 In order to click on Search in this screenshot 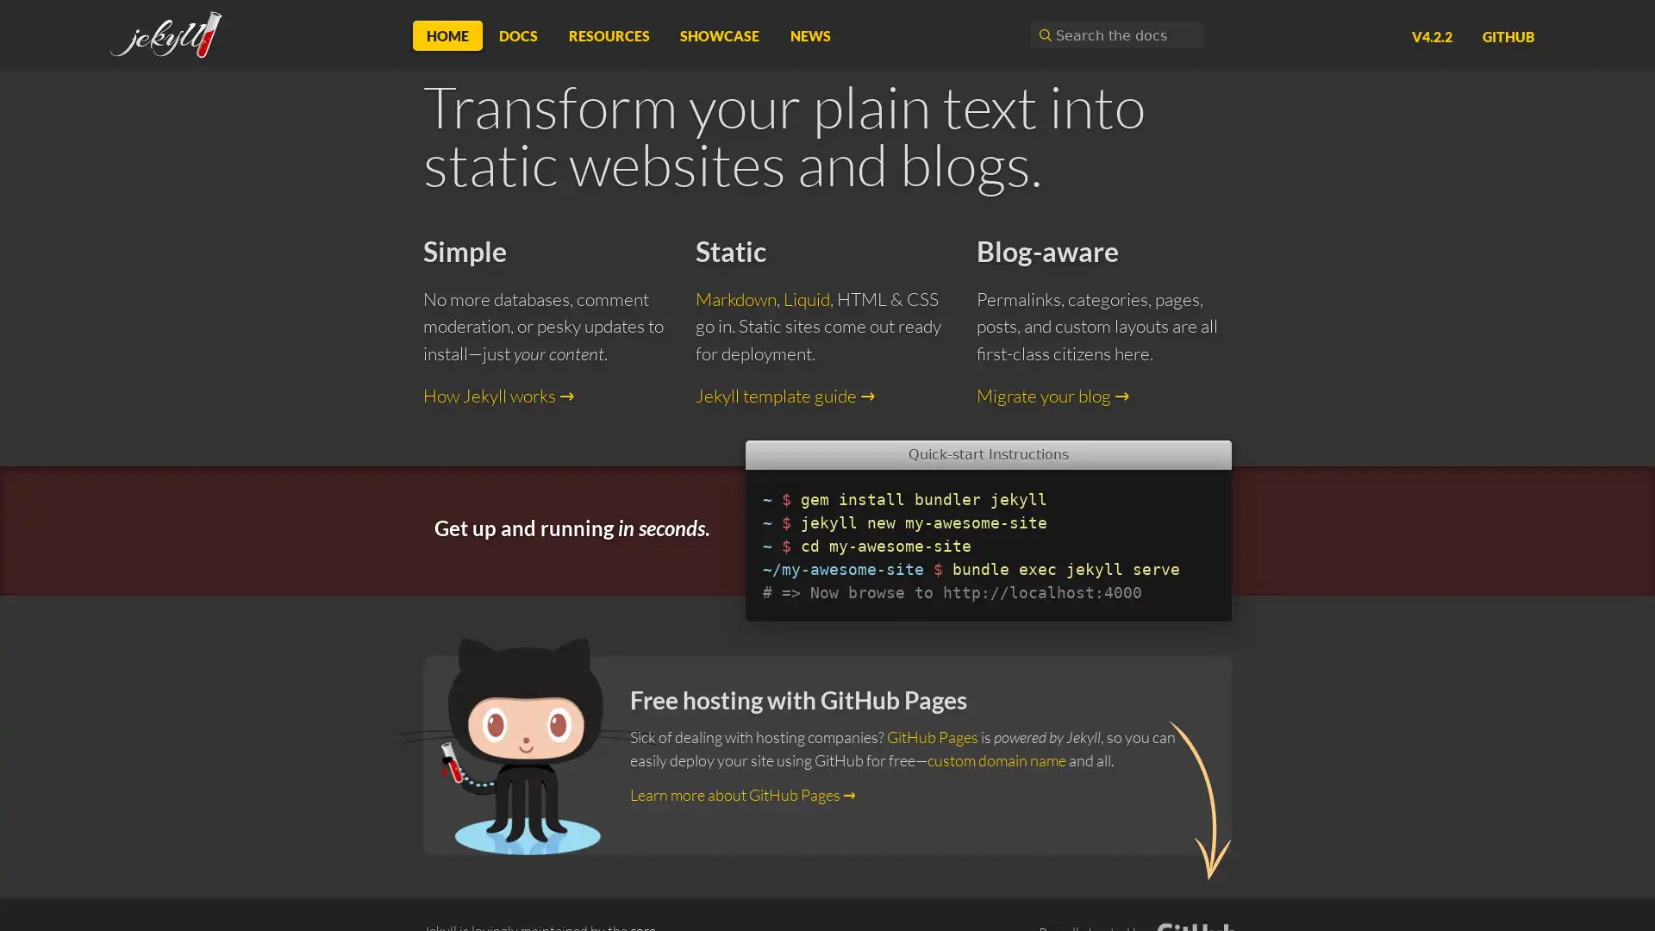, I will do `click(1042, 34)`.